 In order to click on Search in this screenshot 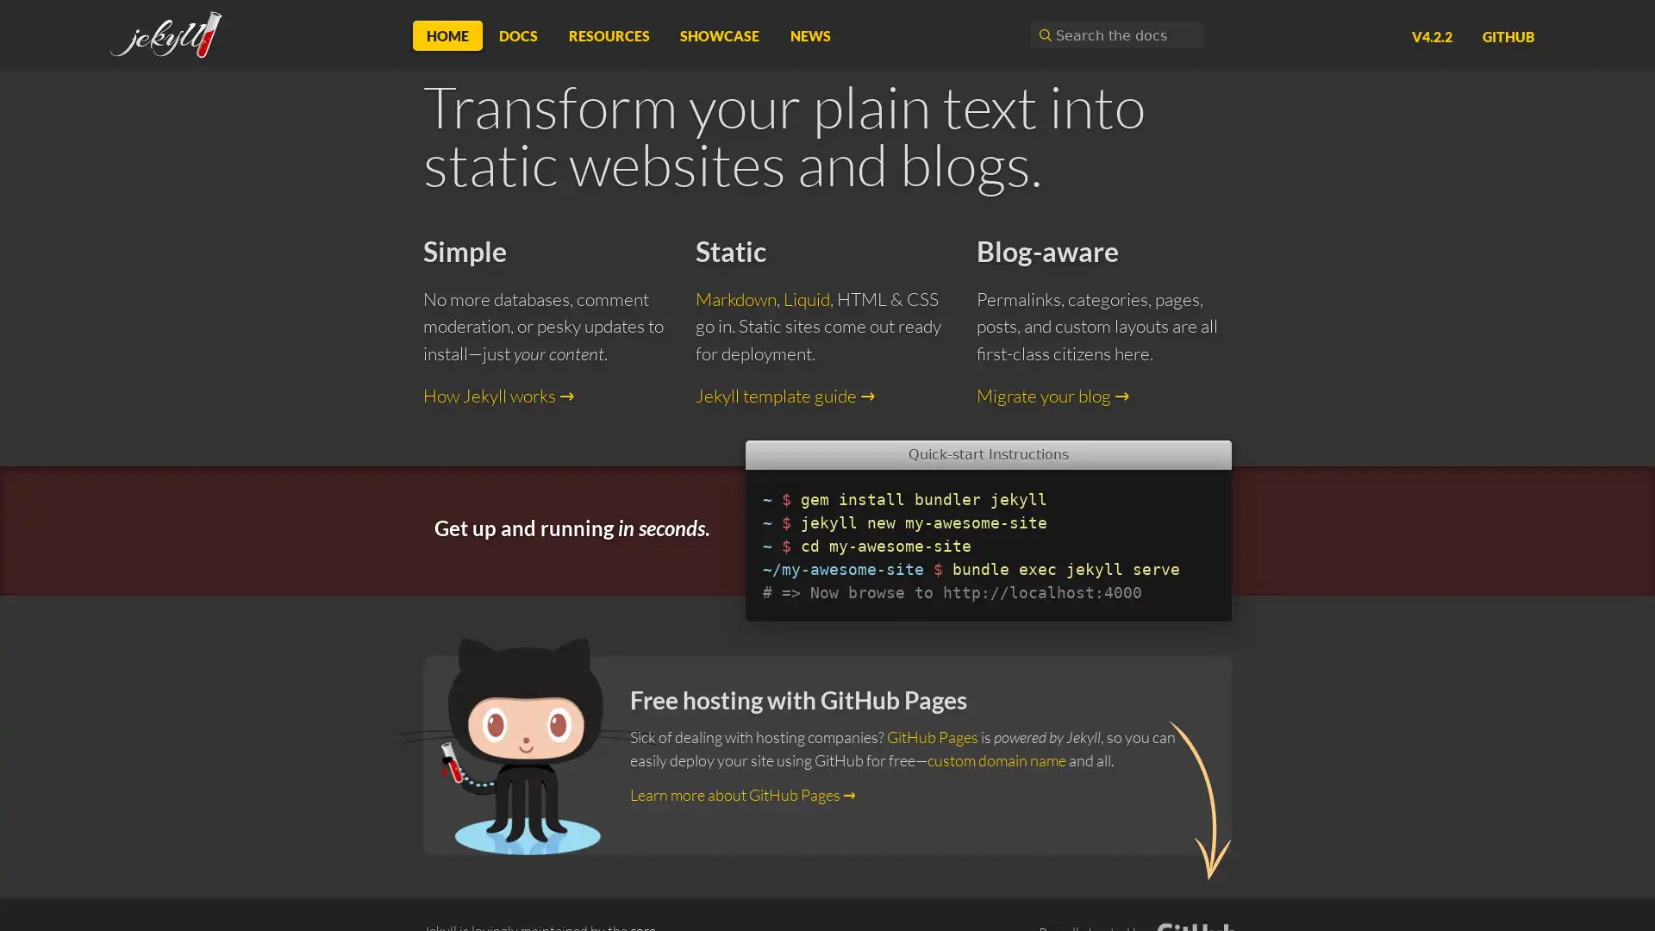, I will do `click(1042, 34)`.